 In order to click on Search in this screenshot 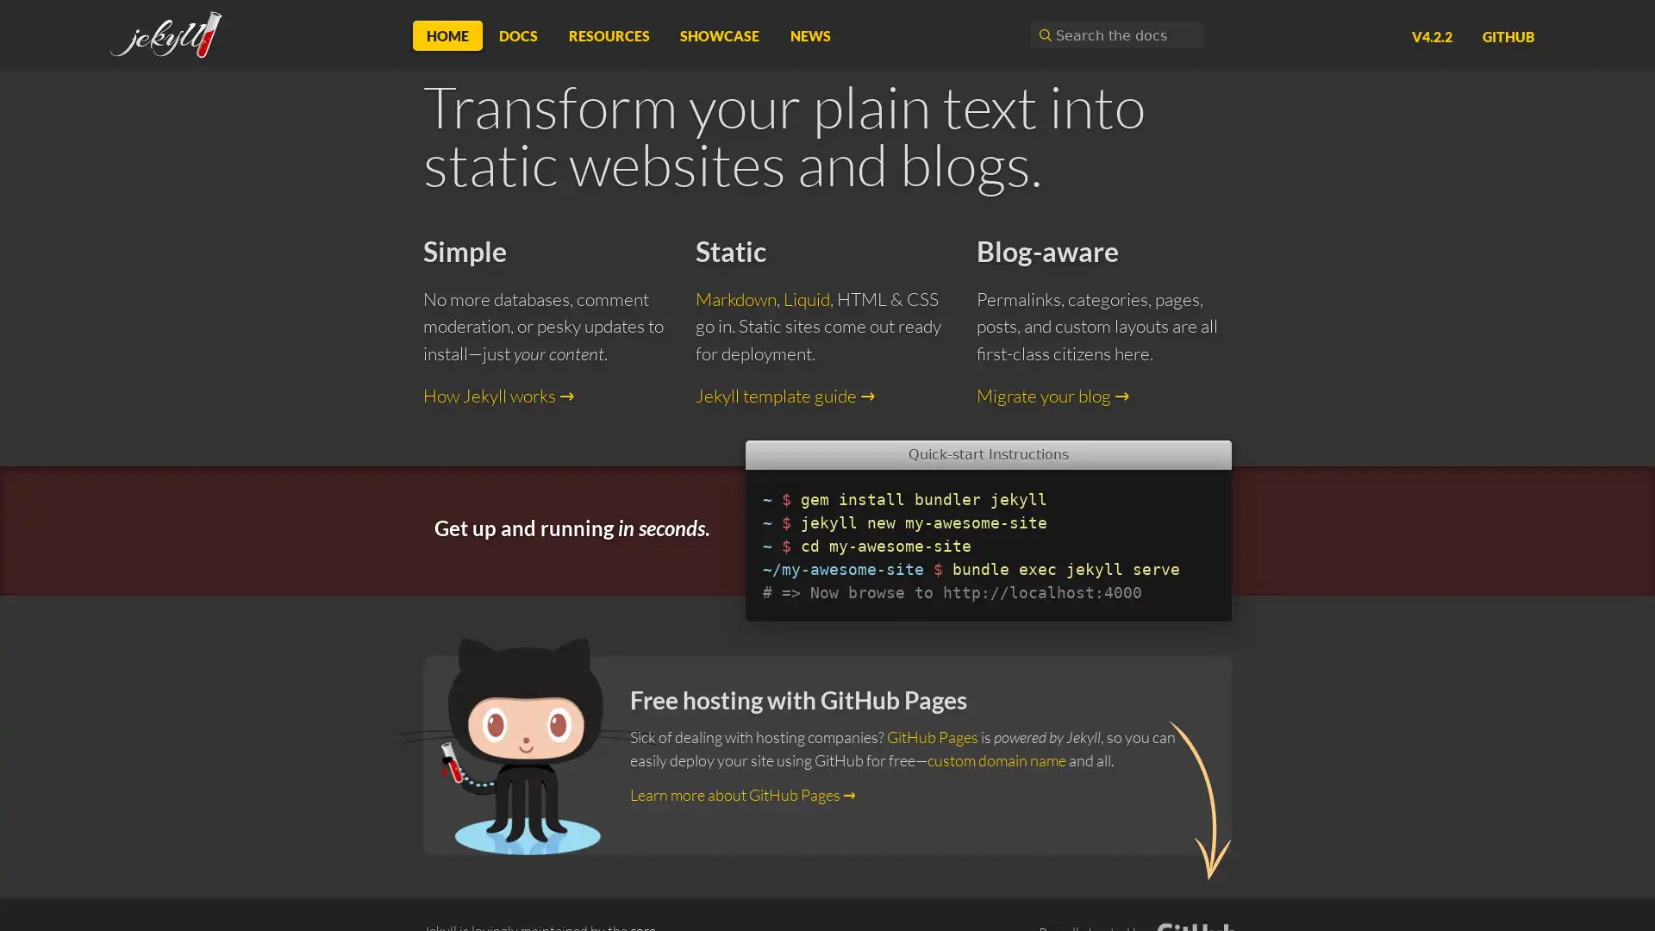, I will do `click(1042, 34)`.